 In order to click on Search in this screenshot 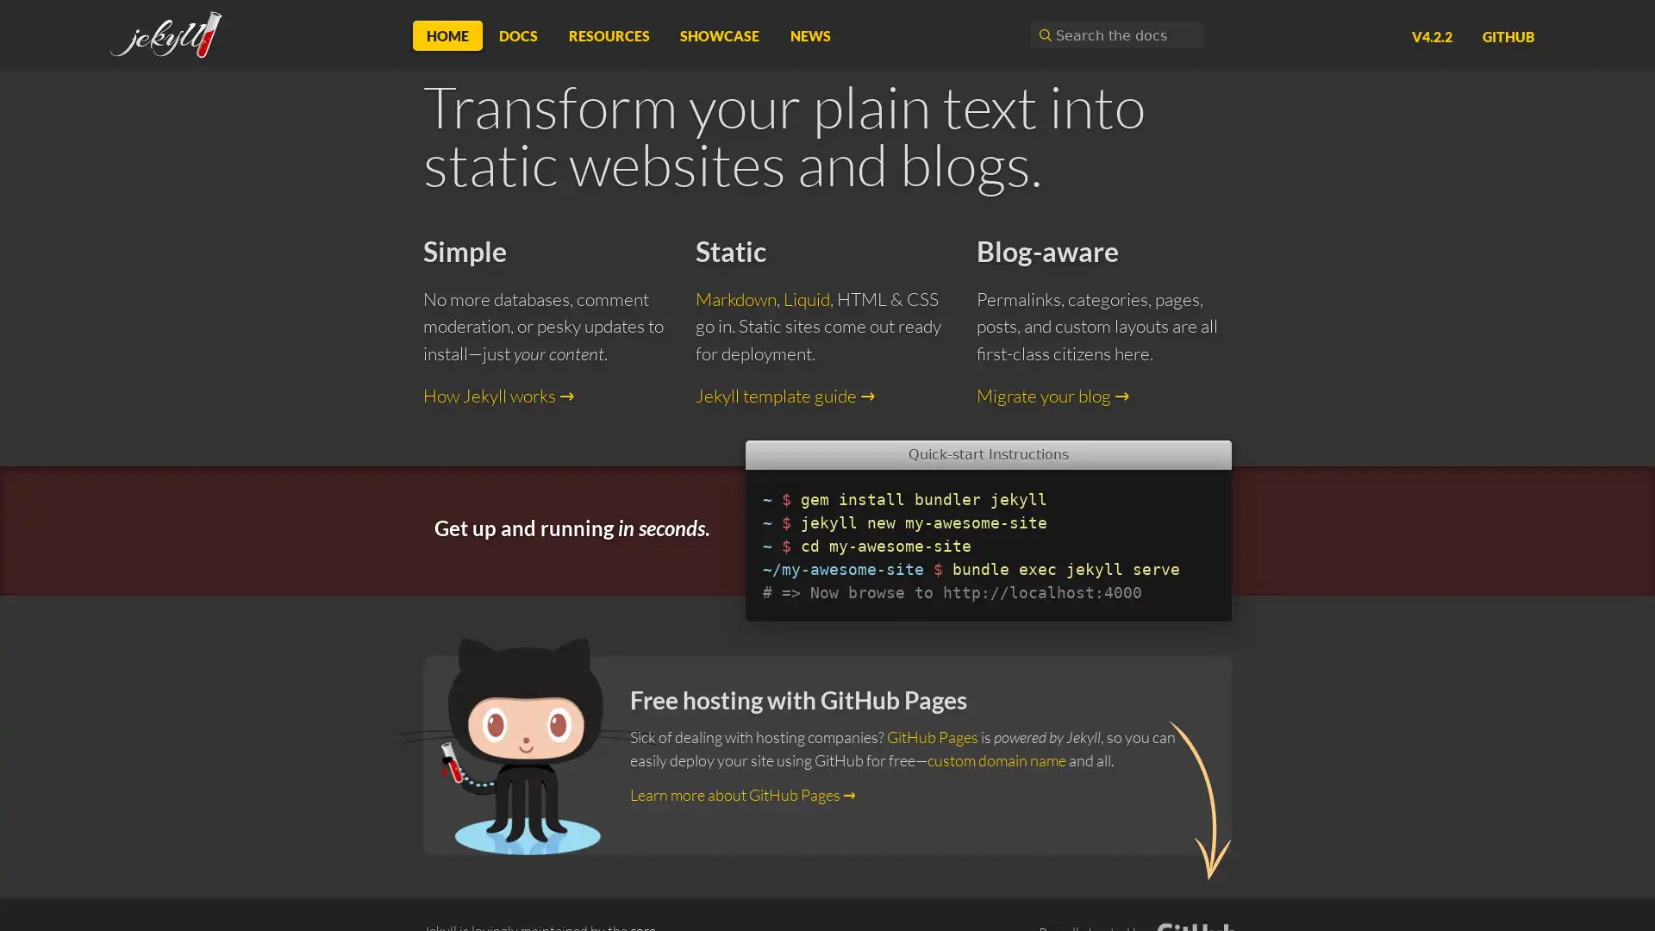, I will do `click(1042, 34)`.